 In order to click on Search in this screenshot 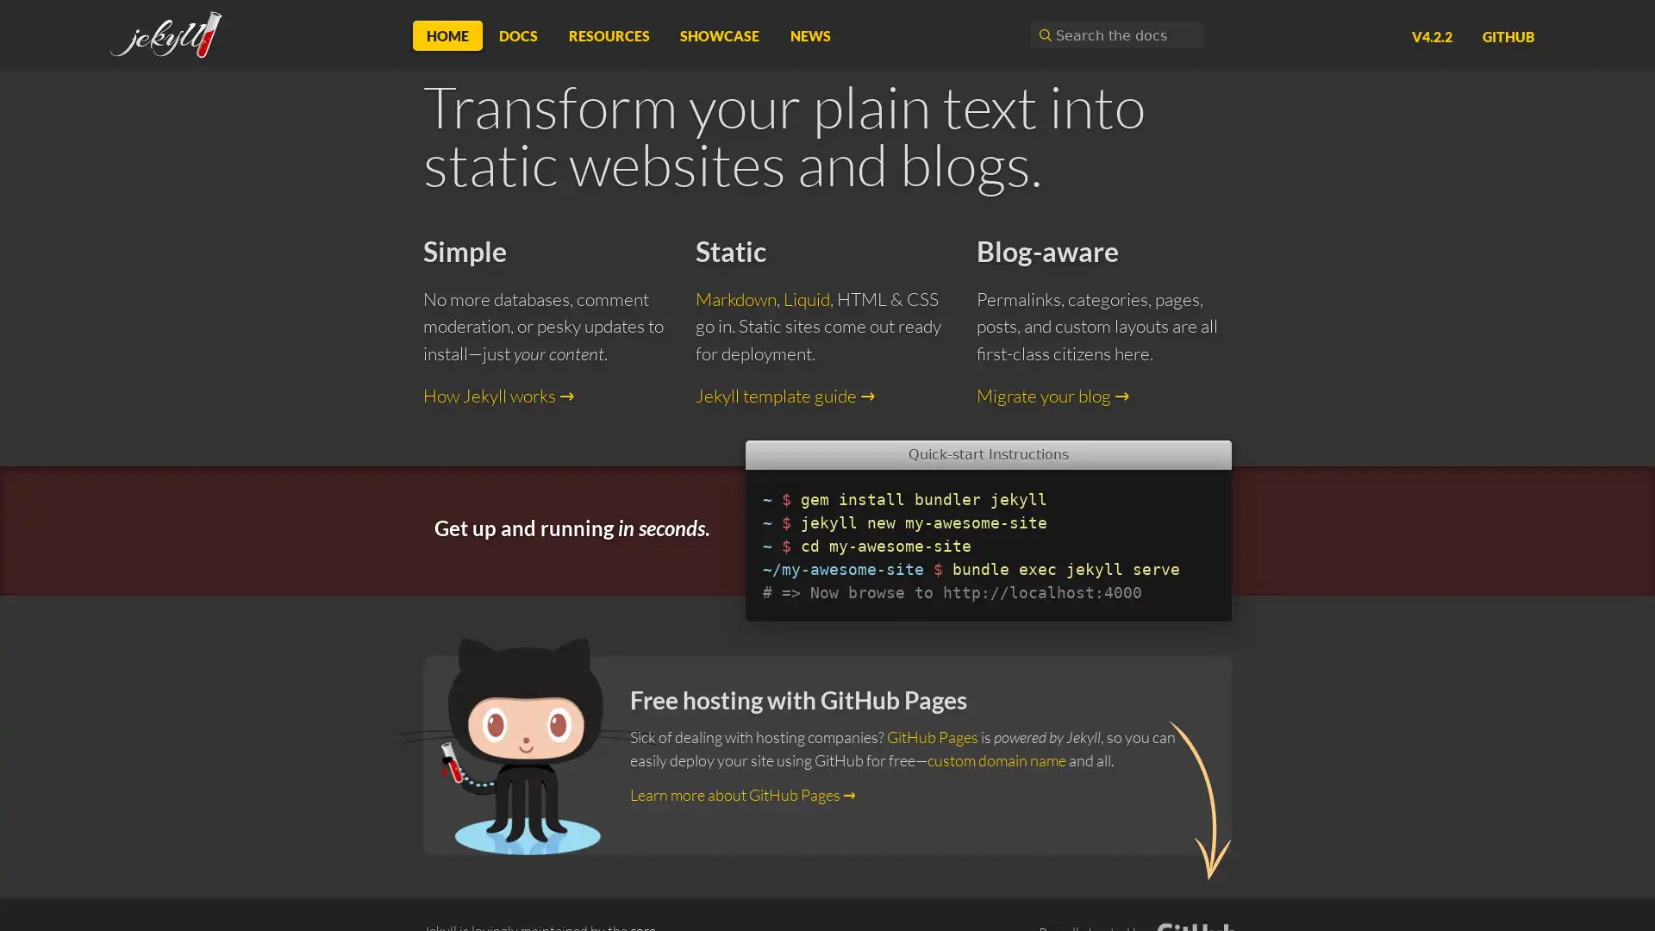, I will do `click(1042, 34)`.